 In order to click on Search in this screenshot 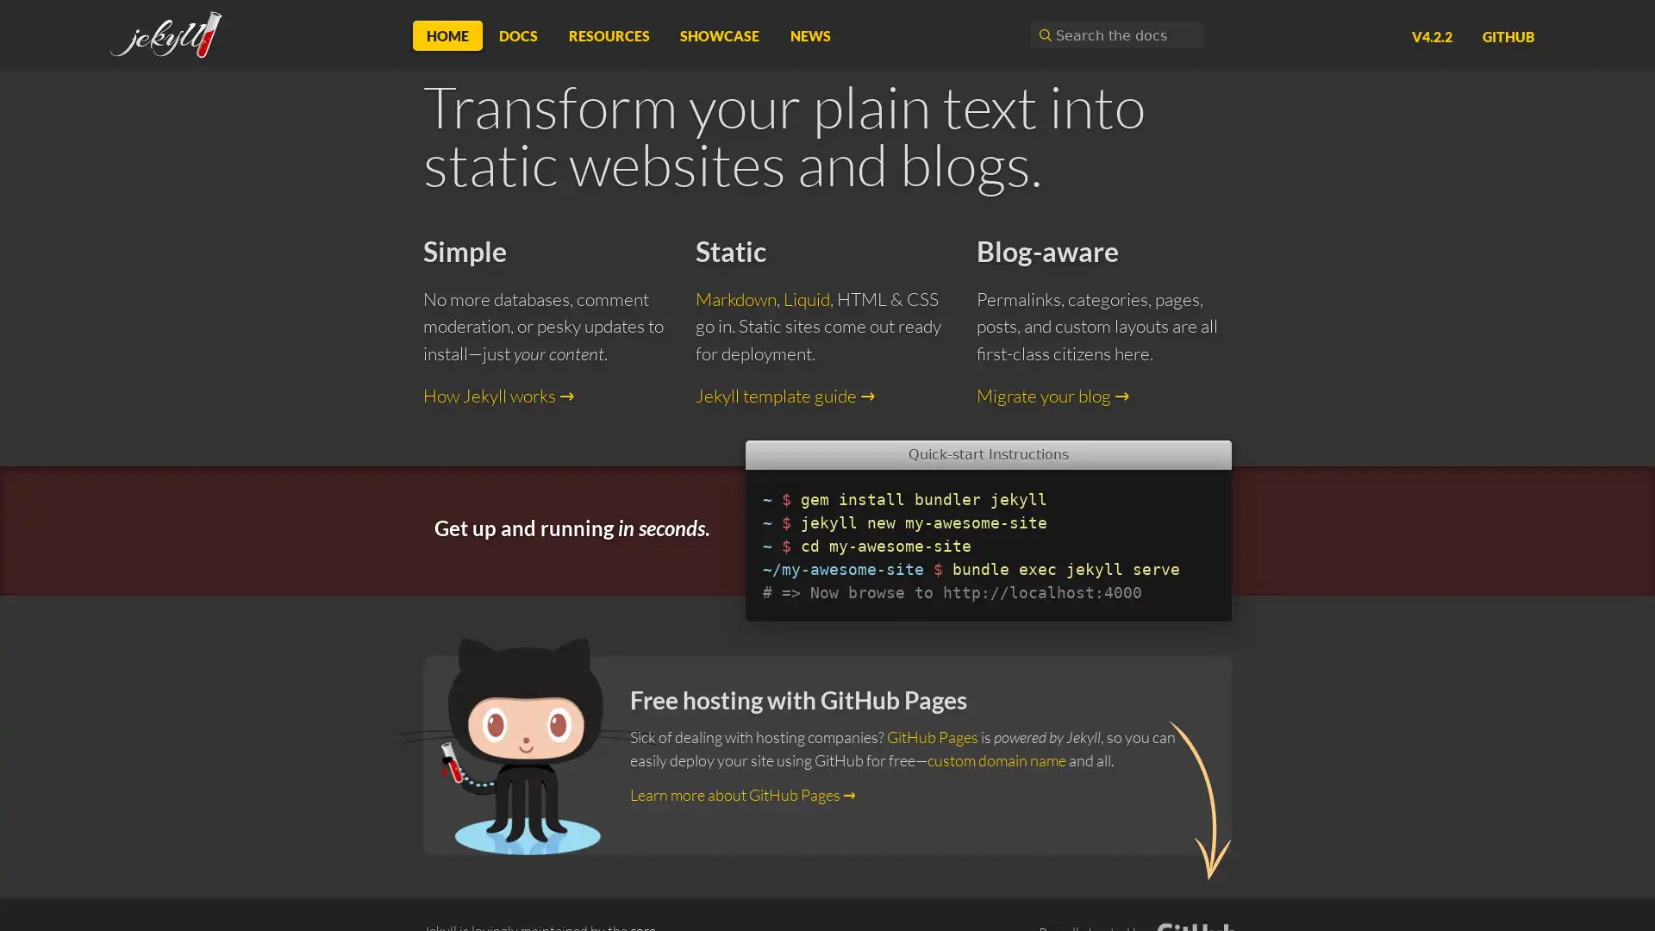, I will do `click(1042, 34)`.